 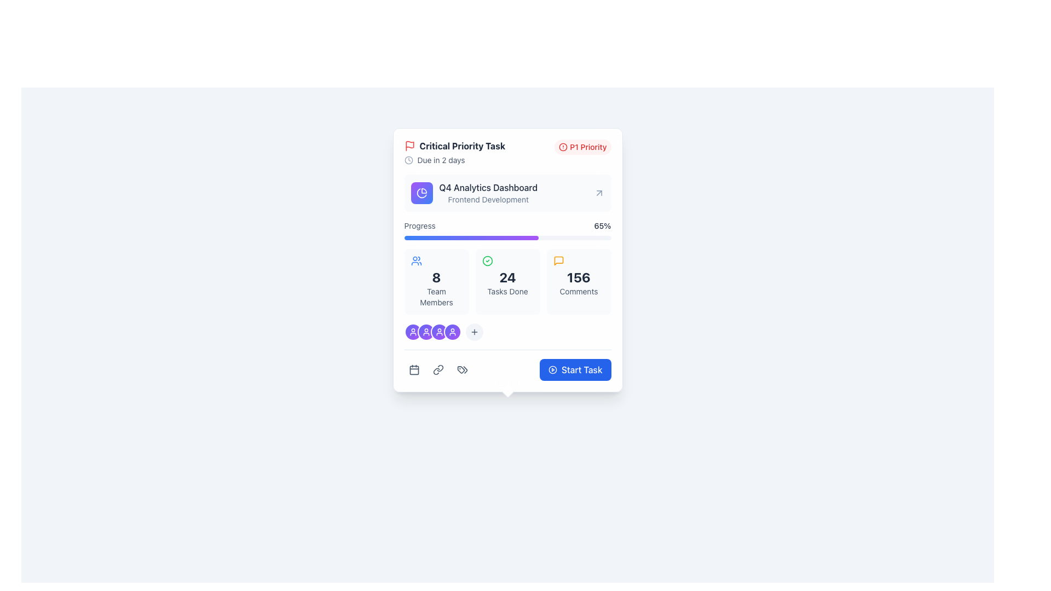 What do you see at coordinates (413, 369) in the screenshot?
I see `the main rectangular area of the calendar icon, which is the third element in its SVG group` at bounding box center [413, 369].